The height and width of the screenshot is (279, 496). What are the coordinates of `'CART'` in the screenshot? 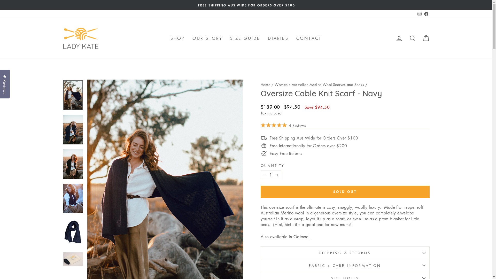 It's located at (425, 38).